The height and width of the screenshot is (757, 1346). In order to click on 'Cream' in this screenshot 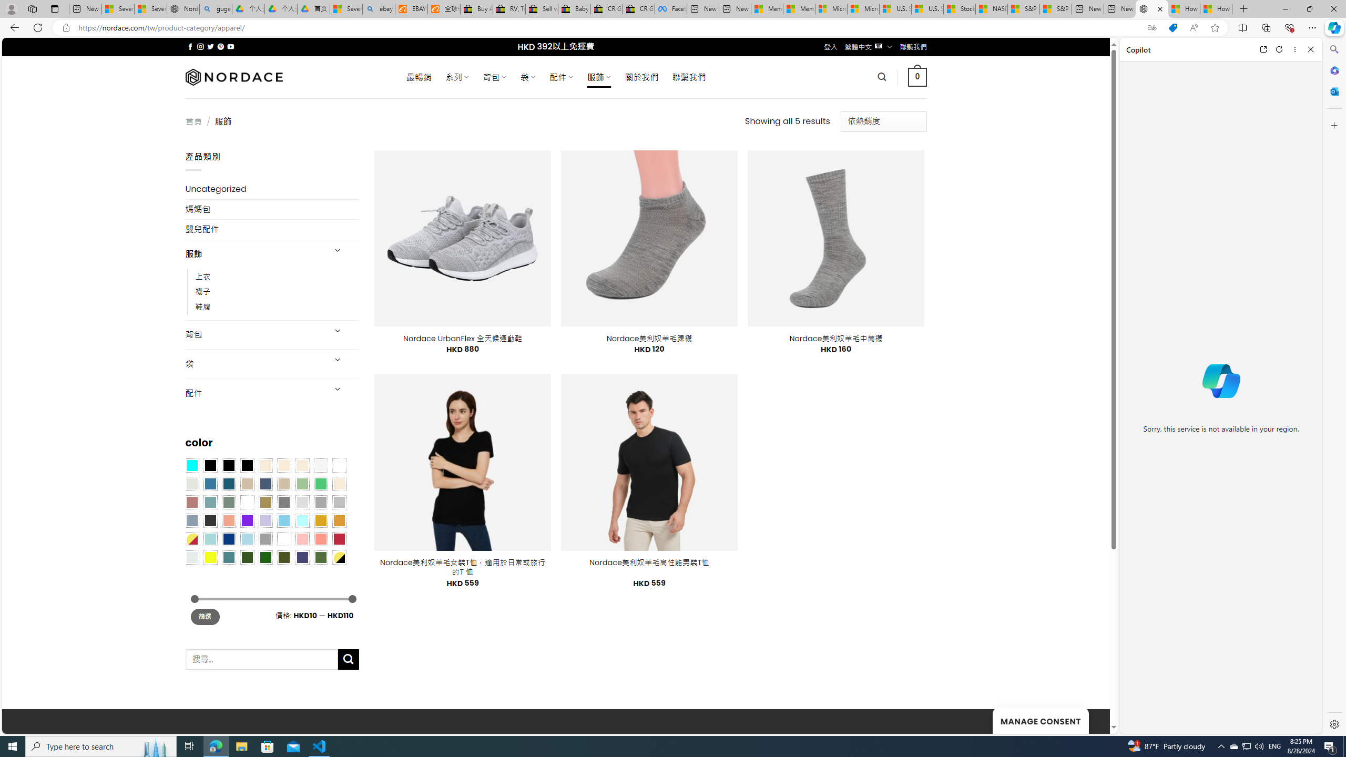, I will do `click(302, 465)`.